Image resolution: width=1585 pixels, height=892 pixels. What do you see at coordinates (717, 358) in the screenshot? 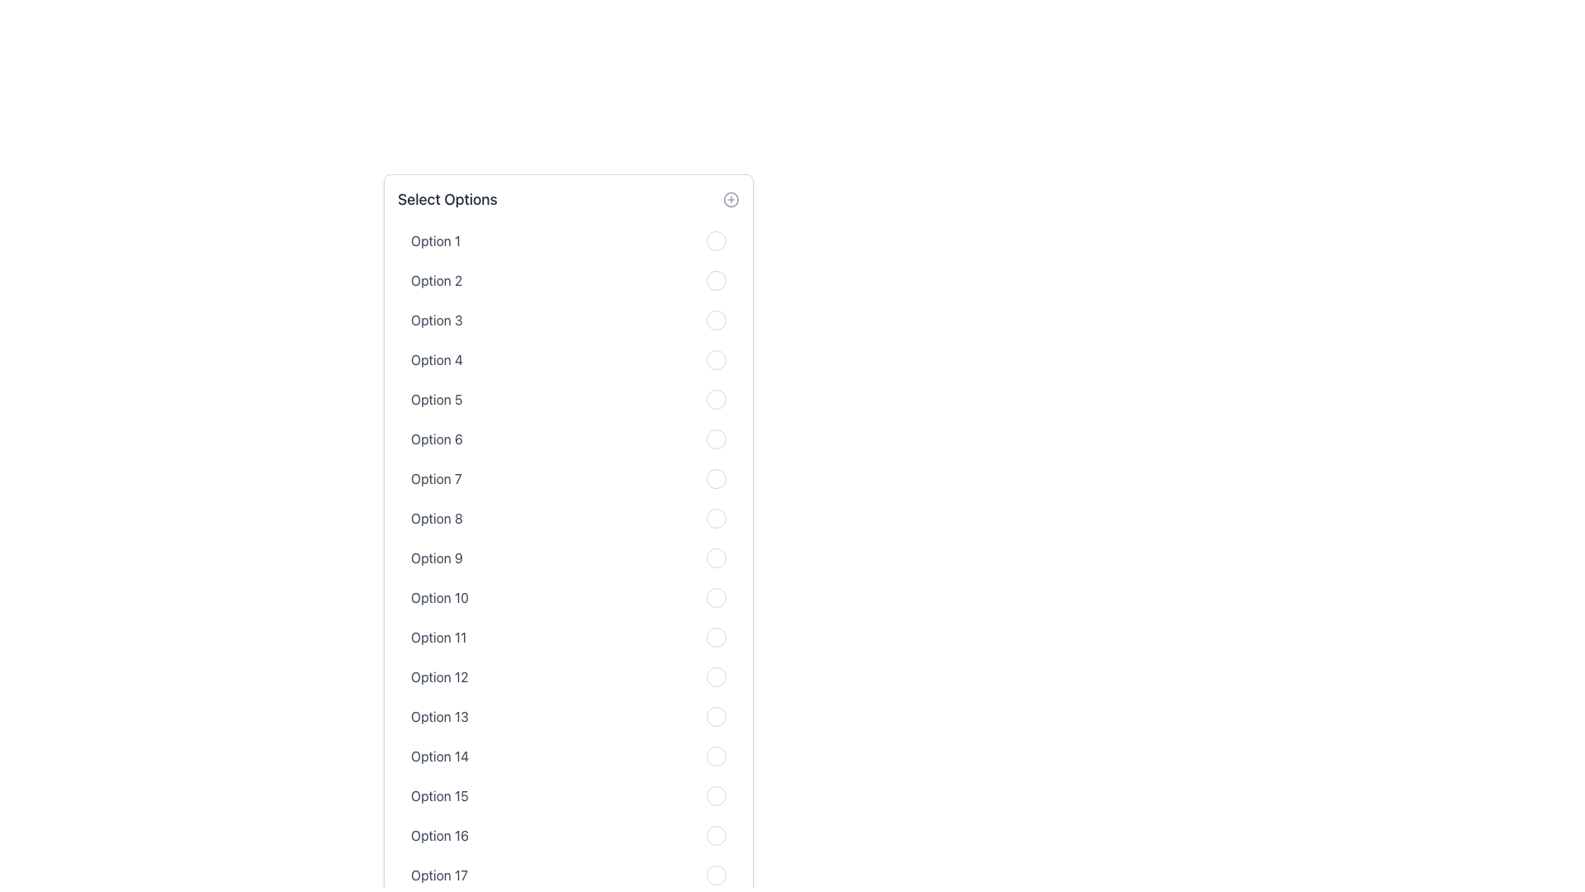
I see `the circular radio button with a gray outline located to the right of the text 'Option 4'` at bounding box center [717, 358].